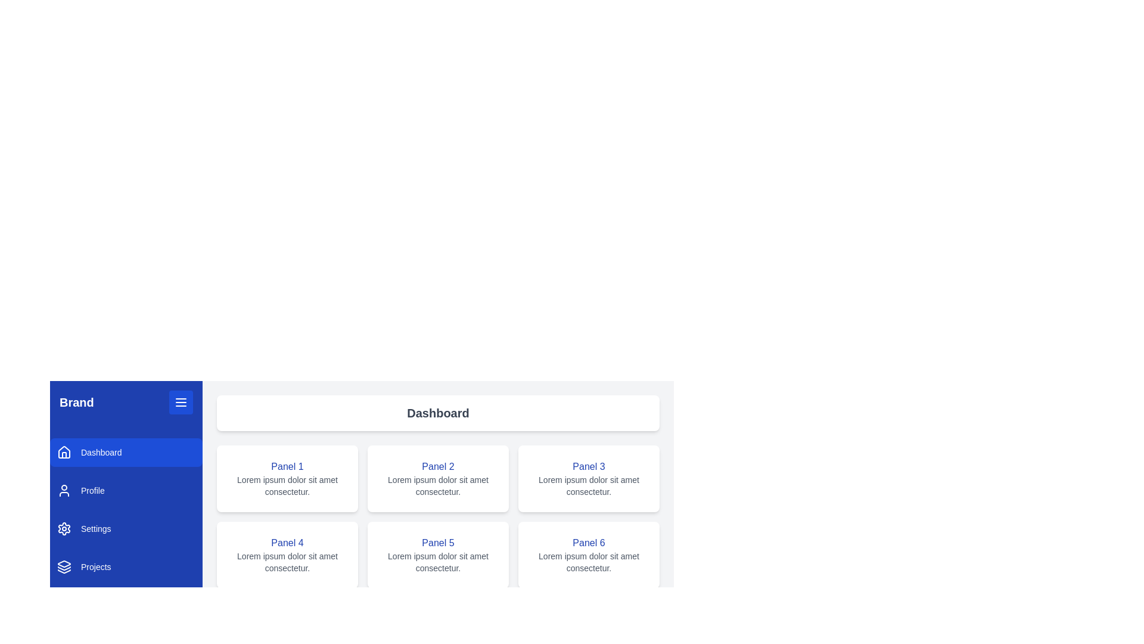  Describe the element at coordinates (64, 452) in the screenshot. I see `the house icon that is part of the highlighted 'Dashboard' menu item in the left-hand sidebar of the interface` at that location.